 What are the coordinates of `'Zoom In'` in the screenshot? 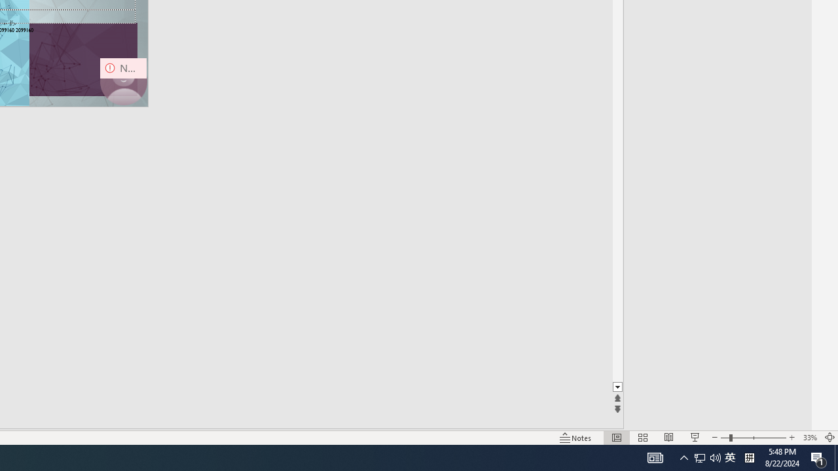 It's located at (791, 438).